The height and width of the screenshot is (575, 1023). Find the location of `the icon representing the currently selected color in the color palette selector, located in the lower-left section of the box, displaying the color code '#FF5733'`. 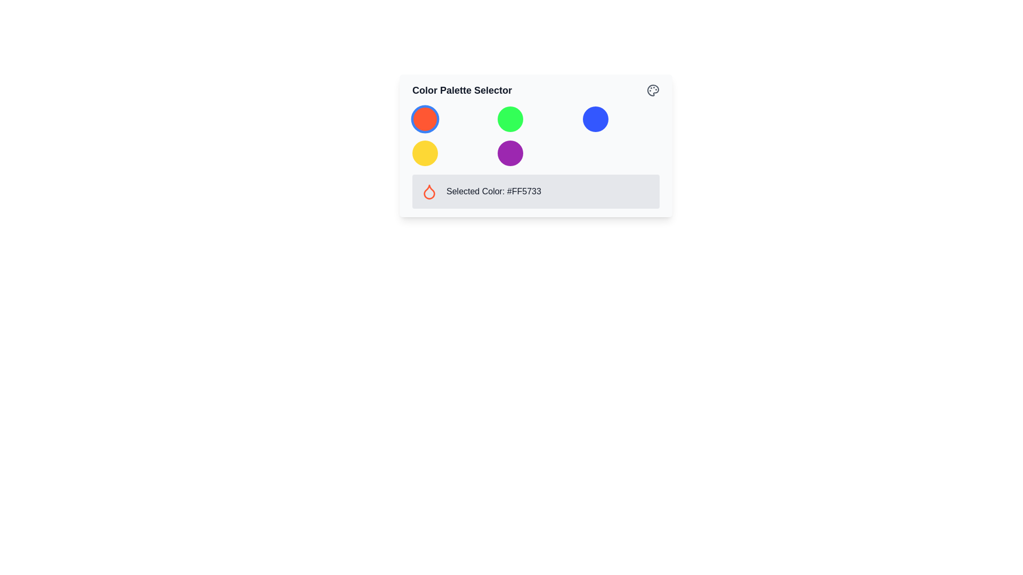

the icon representing the currently selected color in the color palette selector, located in the lower-left section of the box, displaying the color code '#FF5733' is located at coordinates (429, 191).